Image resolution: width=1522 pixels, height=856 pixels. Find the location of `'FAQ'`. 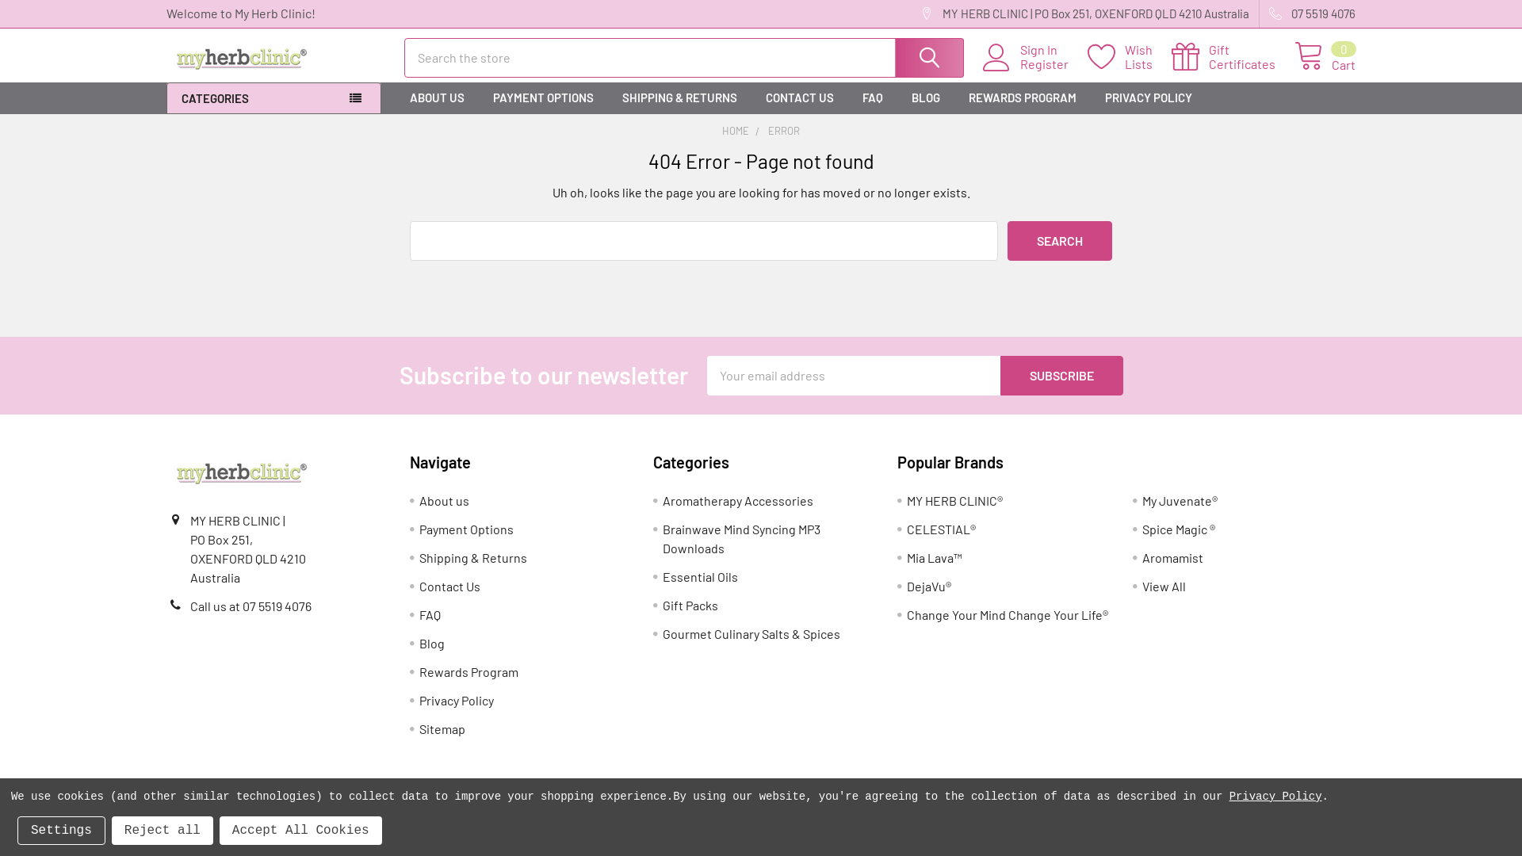

'FAQ' is located at coordinates (430, 613).